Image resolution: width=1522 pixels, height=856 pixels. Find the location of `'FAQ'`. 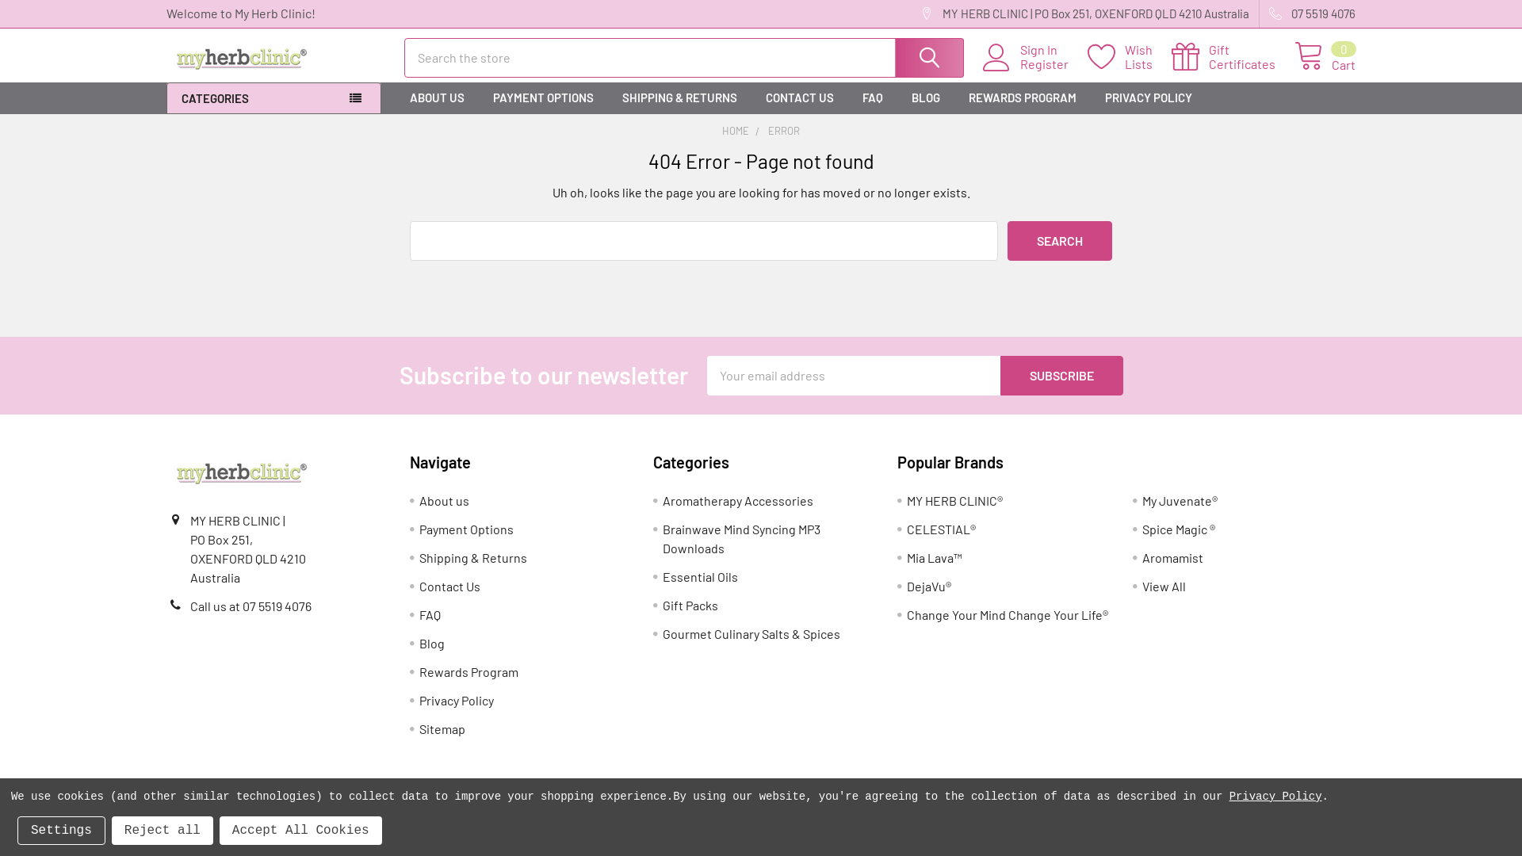

'FAQ' is located at coordinates (430, 613).